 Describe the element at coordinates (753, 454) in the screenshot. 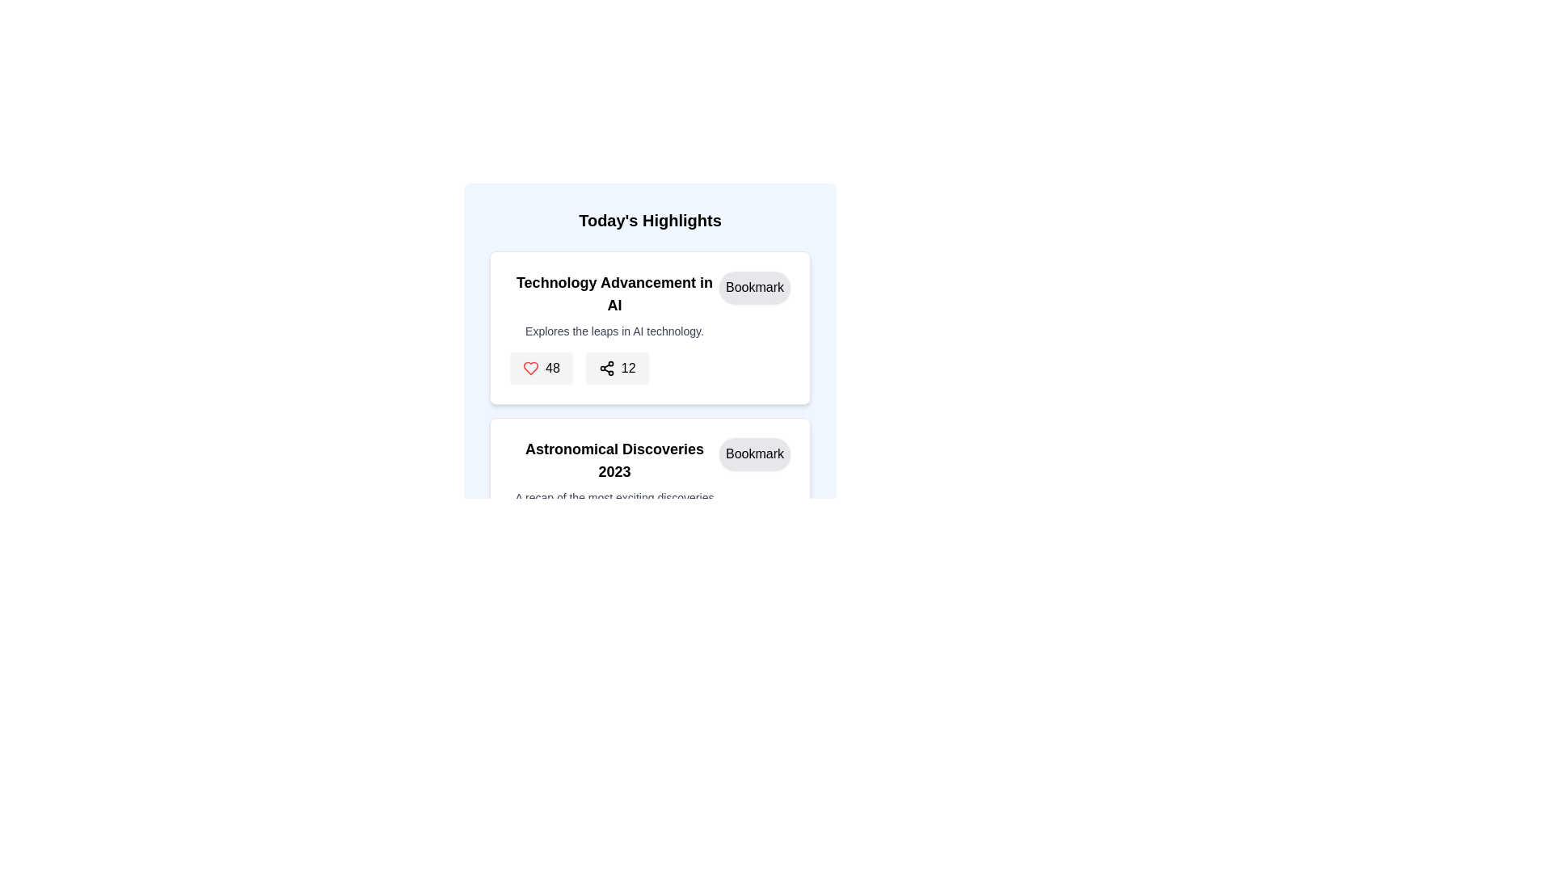

I see `the bookmark button located in the top-right corner of the 'Astronomical Discoveries 2023' card to allow users to save the article for later reference` at that location.